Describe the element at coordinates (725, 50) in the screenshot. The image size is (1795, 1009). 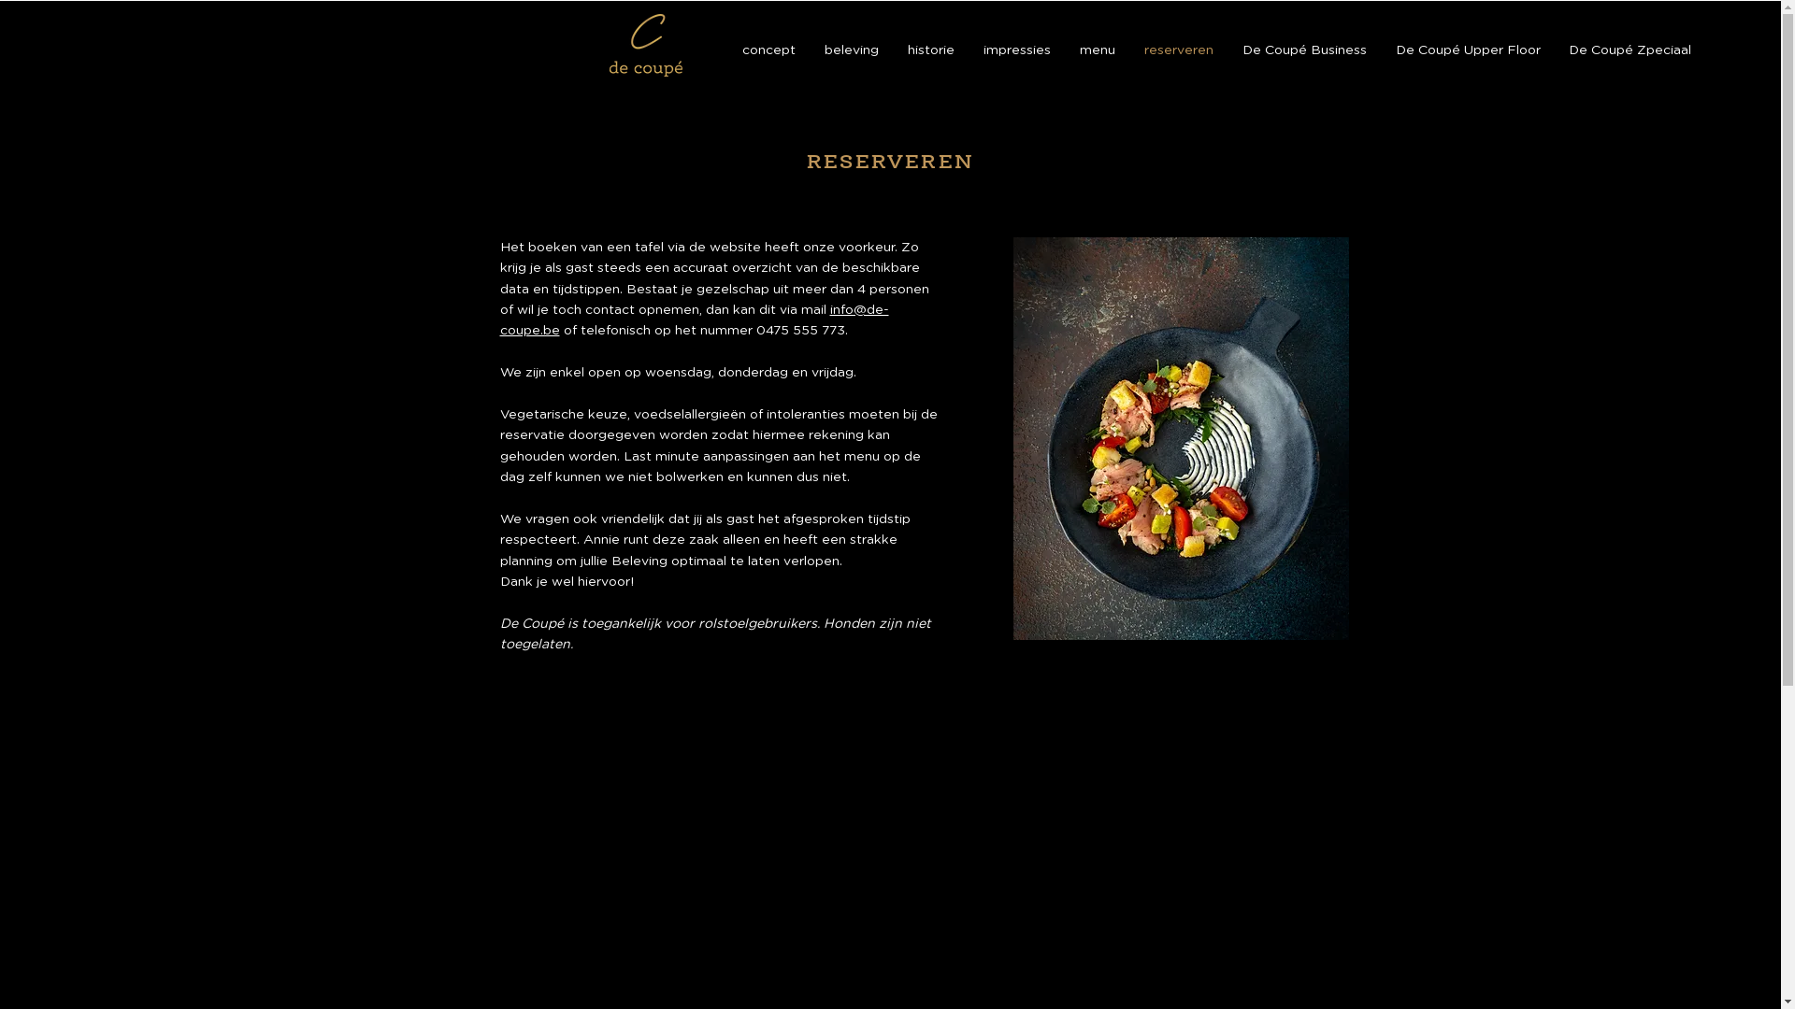
I see `'concept'` at that location.